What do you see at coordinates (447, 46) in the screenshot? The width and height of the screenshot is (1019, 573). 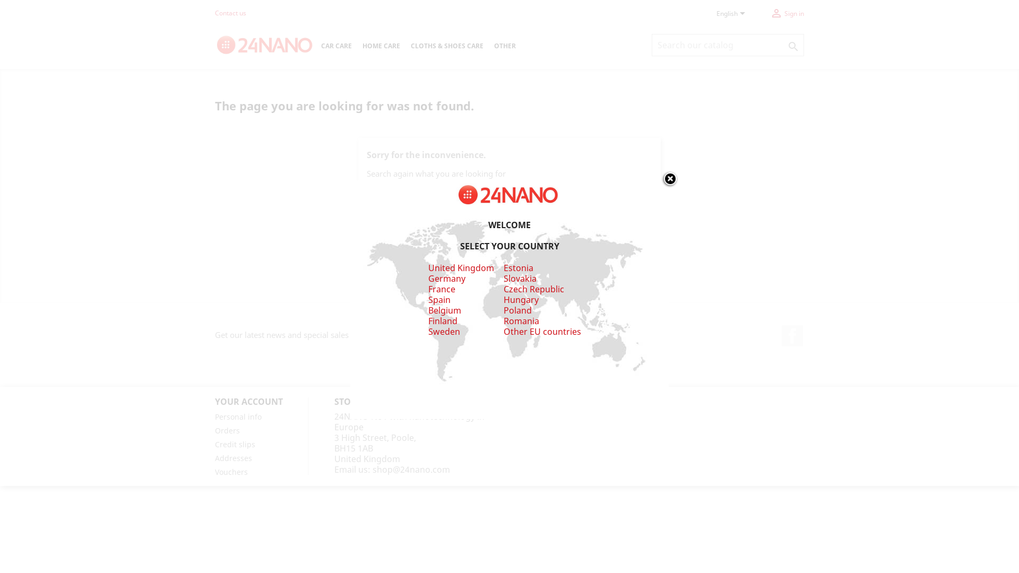 I see `'CLOTHS & SHOES CARE'` at bounding box center [447, 46].